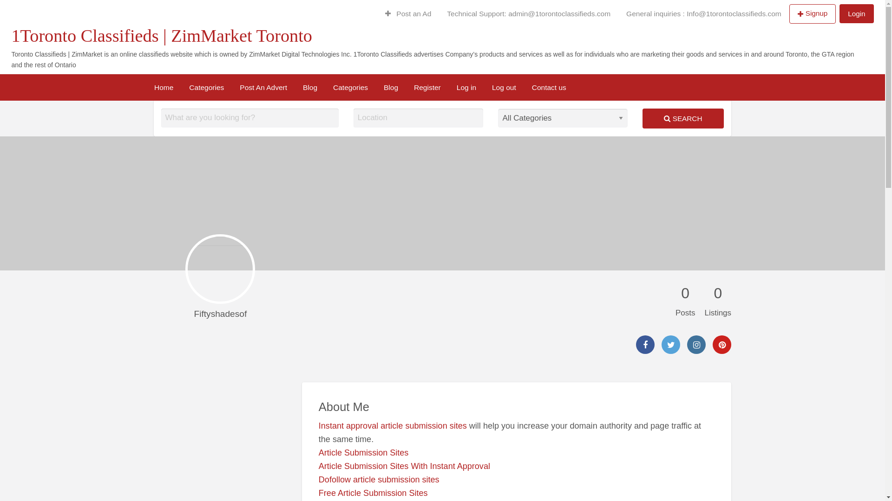  I want to click on 'Article Submission Sites With Instant Approval', so click(404, 466).